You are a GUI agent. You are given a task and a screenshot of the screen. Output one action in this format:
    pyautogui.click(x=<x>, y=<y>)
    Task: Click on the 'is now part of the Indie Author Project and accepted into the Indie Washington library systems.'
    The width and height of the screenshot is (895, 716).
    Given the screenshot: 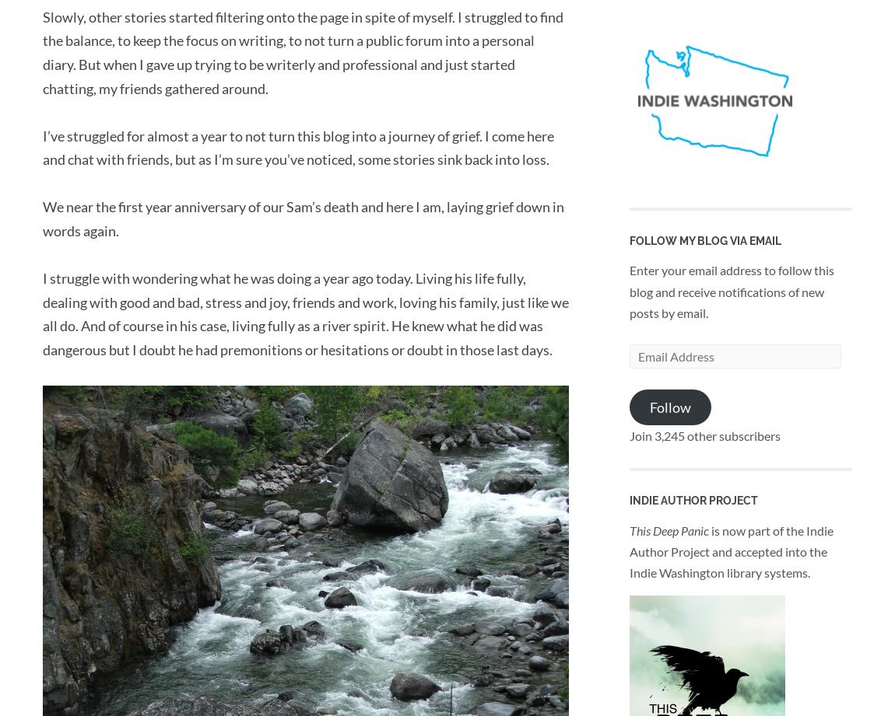 What is the action you would take?
    pyautogui.click(x=732, y=550)
    